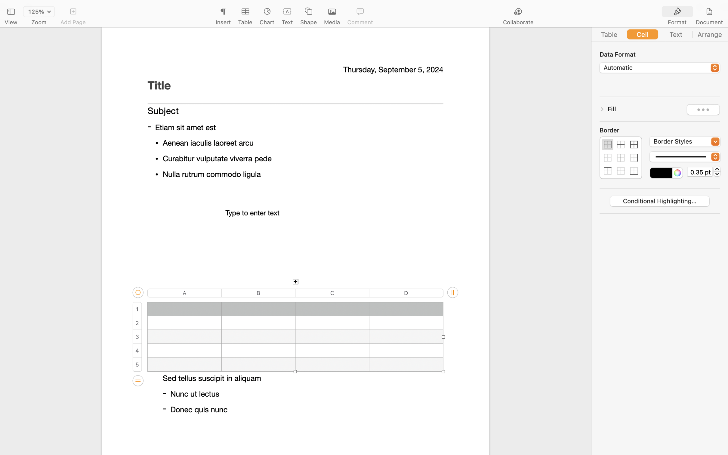 The width and height of the screenshot is (728, 455). Describe the element at coordinates (10, 22) in the screenshot. I see `'View'` at that location.